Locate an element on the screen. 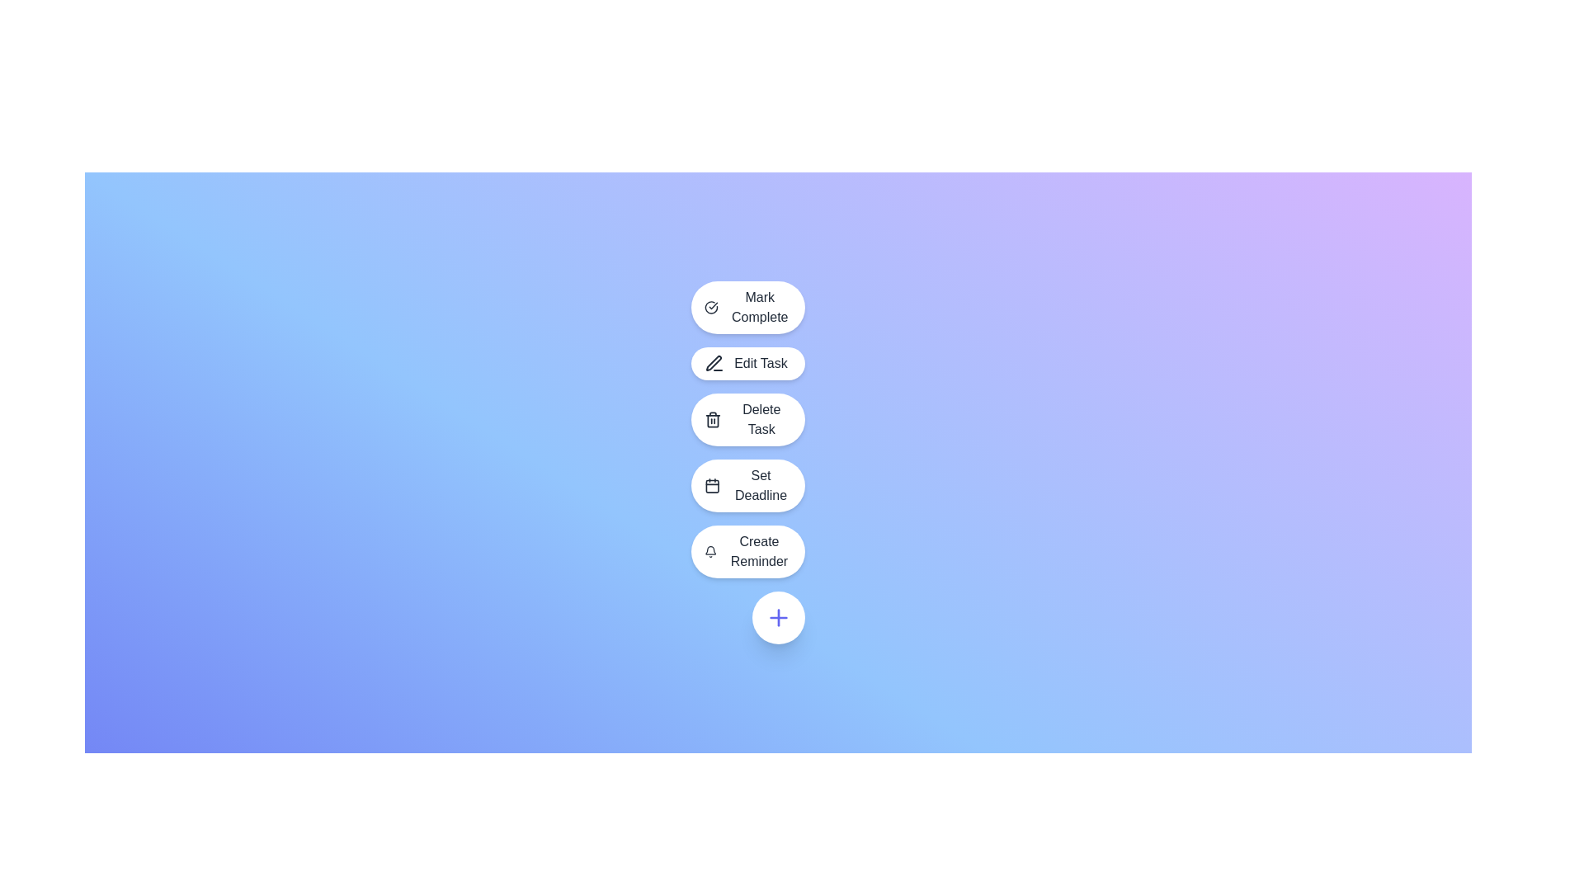 This screenshot has width=1584, height=891. the interactive button located at the bottom of the vertical list, which serves the purpose of adding a new task or item is located at coordinates (777, 617).